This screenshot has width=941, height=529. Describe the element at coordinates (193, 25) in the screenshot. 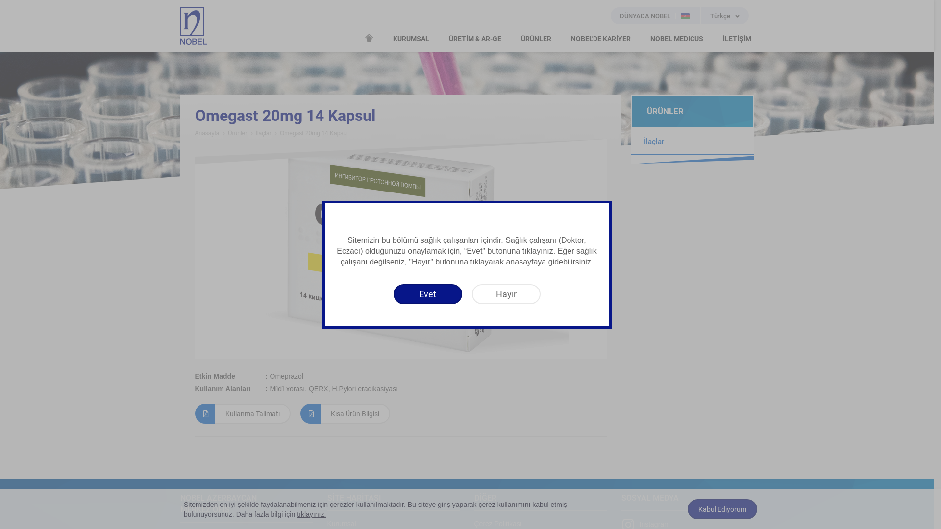

I see `'NOBEL'` at that location.